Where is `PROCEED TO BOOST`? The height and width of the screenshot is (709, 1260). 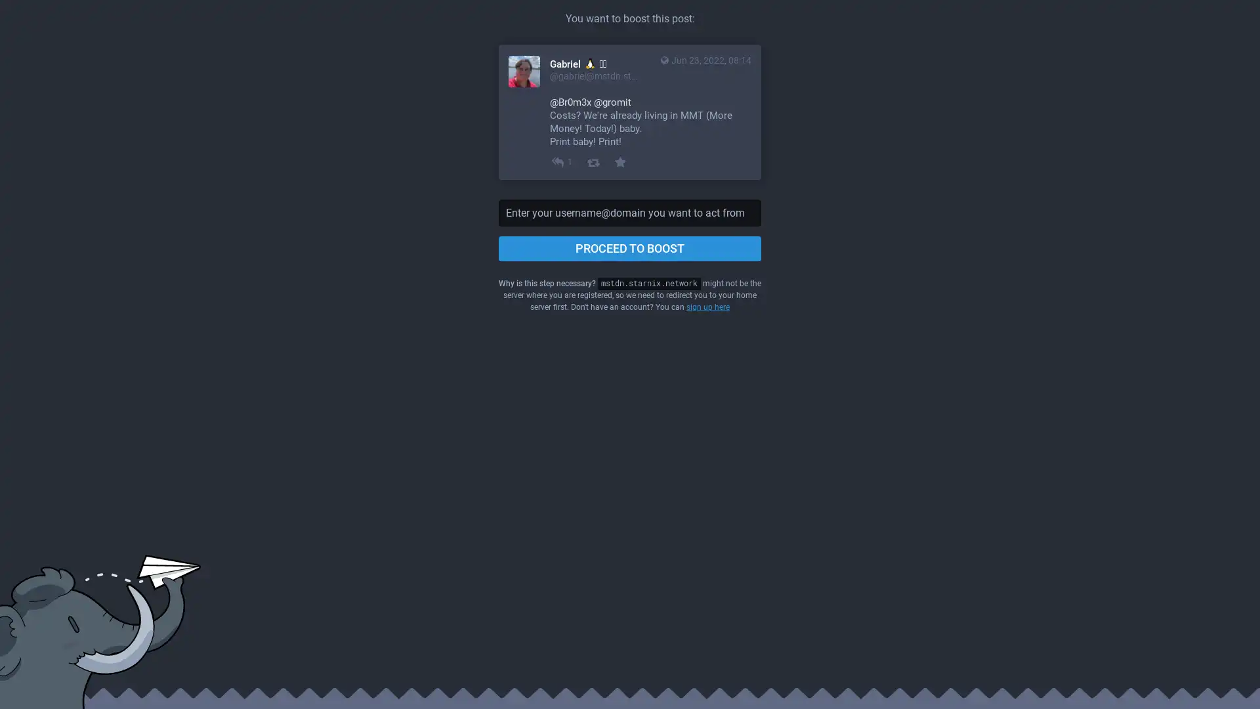
PROCEED TO BOOST is located at coordinates (630, 248).